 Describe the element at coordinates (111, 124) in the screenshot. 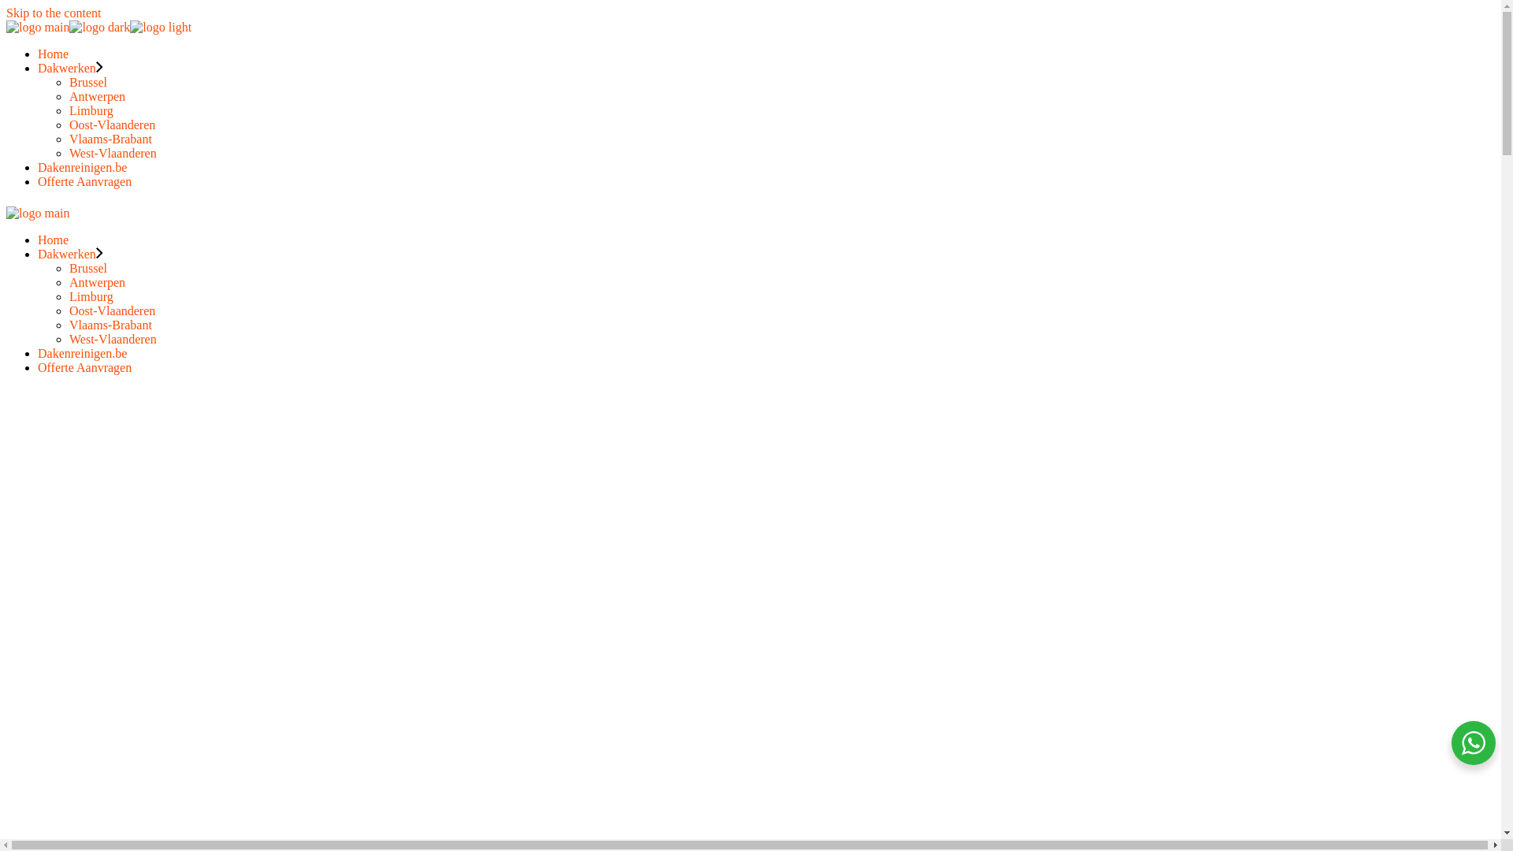

I see `'Oost-Vlaanderen'` at that location.